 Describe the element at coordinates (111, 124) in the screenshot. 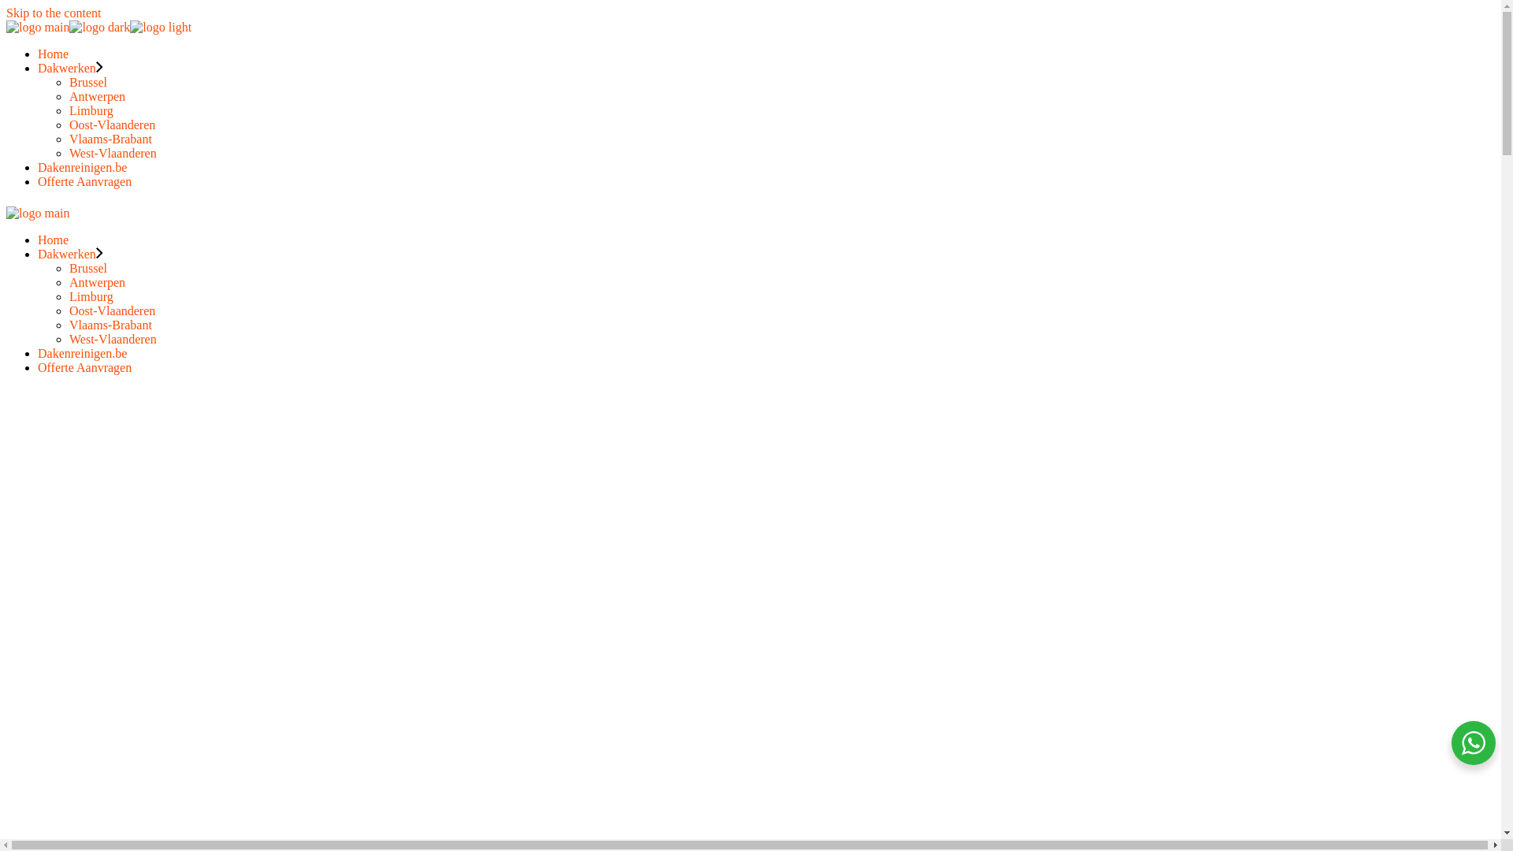

I see `'Oost-Vlaanderen'` at that location.